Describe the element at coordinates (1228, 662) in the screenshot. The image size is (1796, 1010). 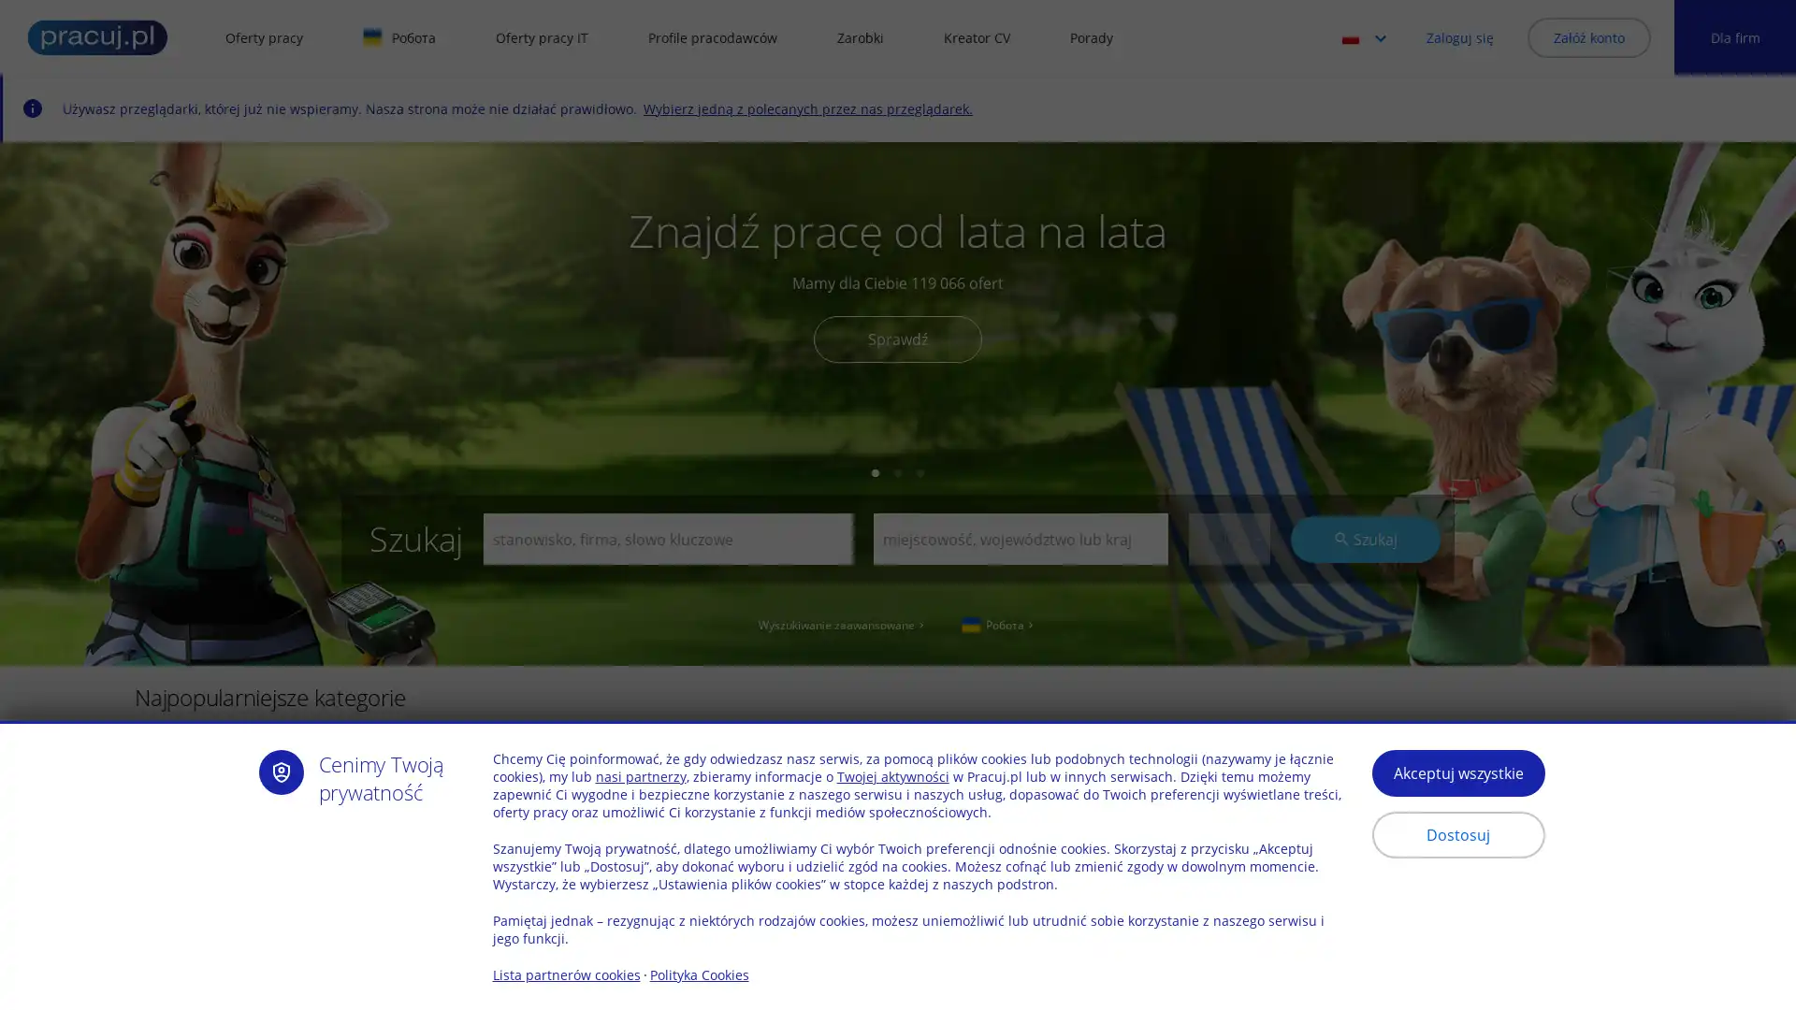
I see `+ 15 km` at that location.